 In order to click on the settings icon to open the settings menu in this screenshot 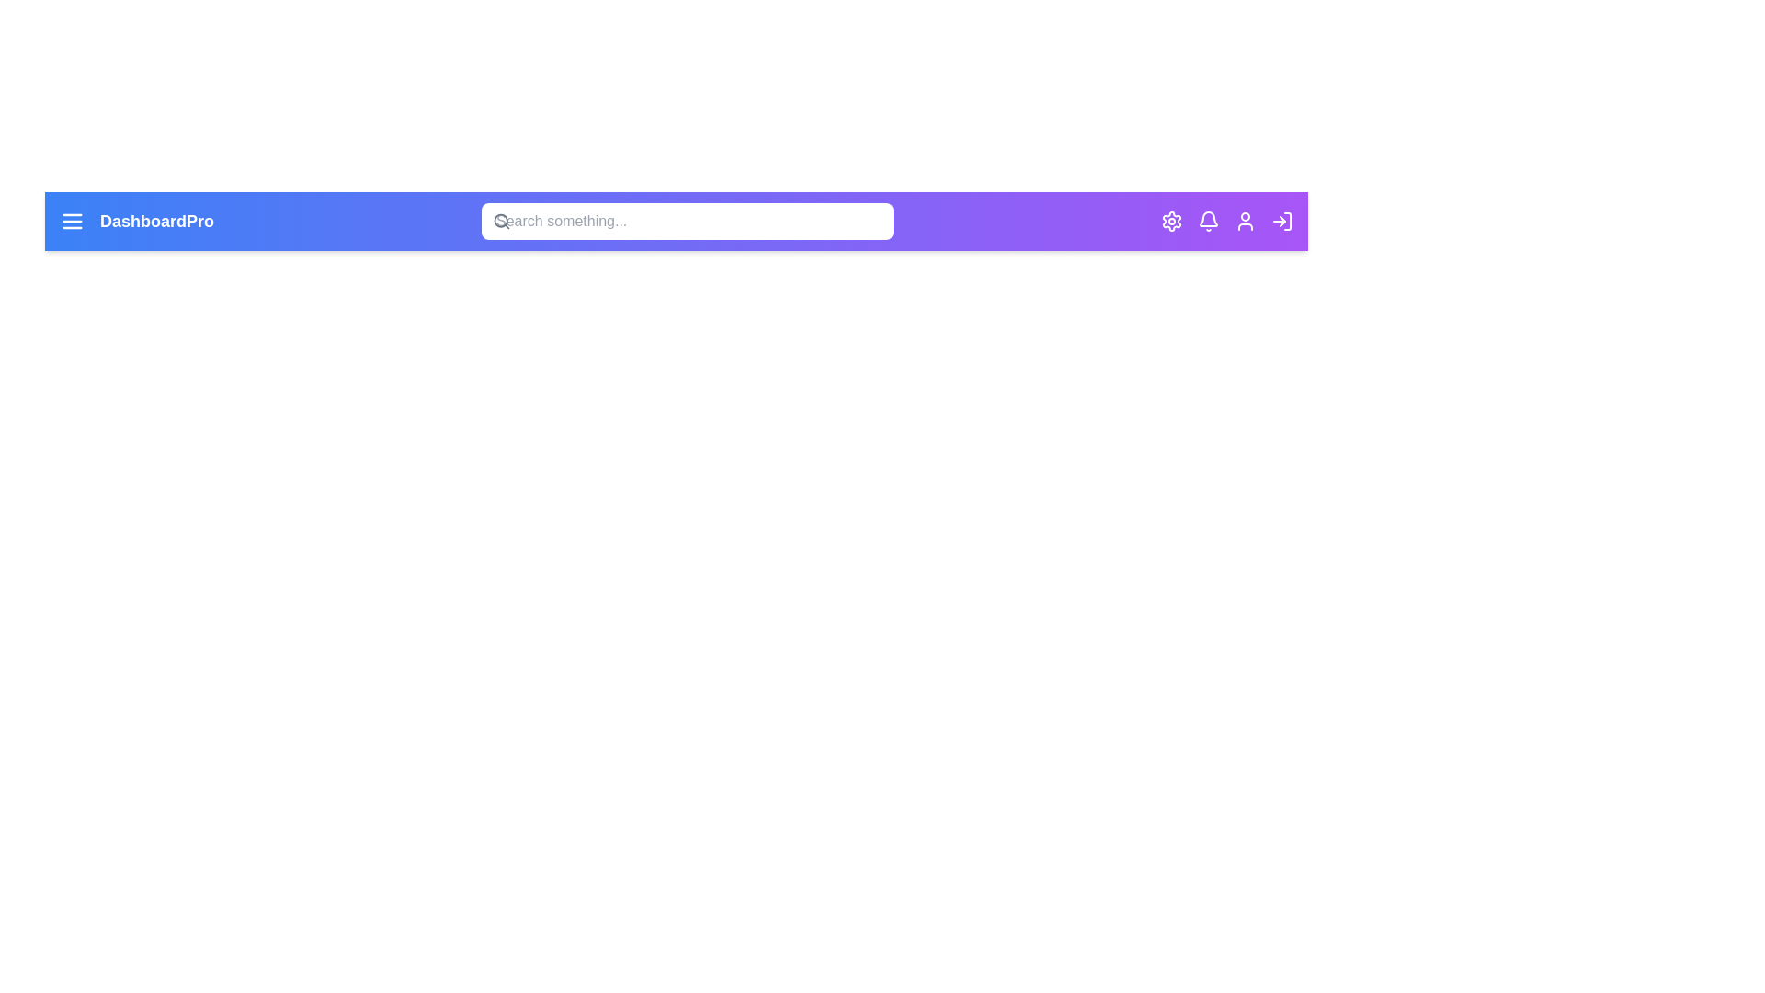, I will do `click(1171, 220)`.